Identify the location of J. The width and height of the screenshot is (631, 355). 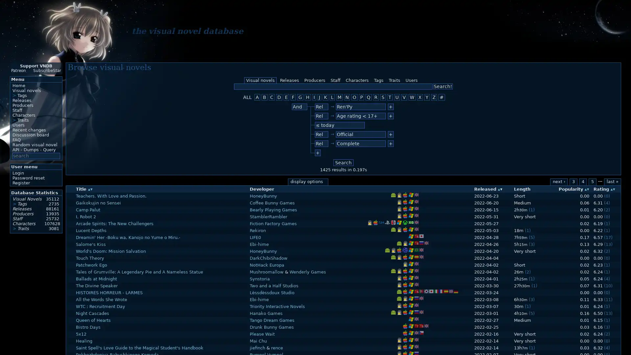
(319, 97).